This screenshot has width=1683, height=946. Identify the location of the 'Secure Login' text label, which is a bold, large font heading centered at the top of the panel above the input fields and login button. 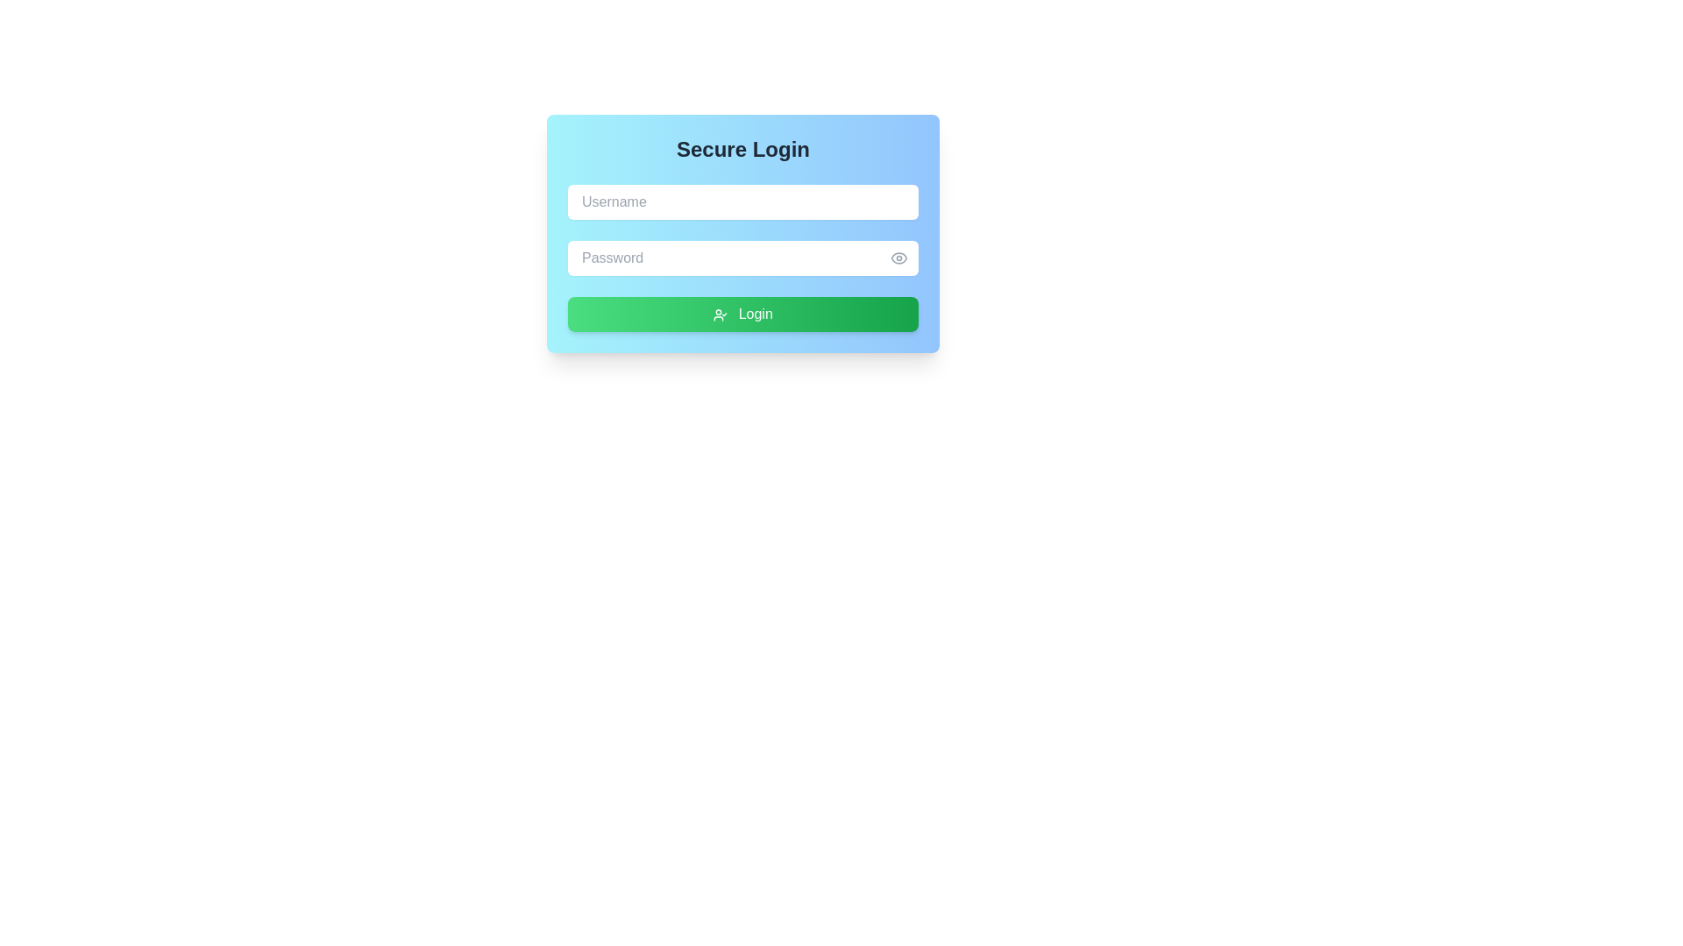
(743, 148).